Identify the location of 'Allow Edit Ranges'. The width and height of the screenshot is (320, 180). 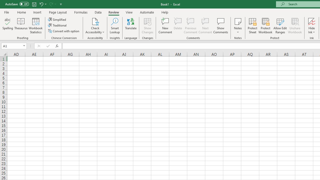
(280, 26).